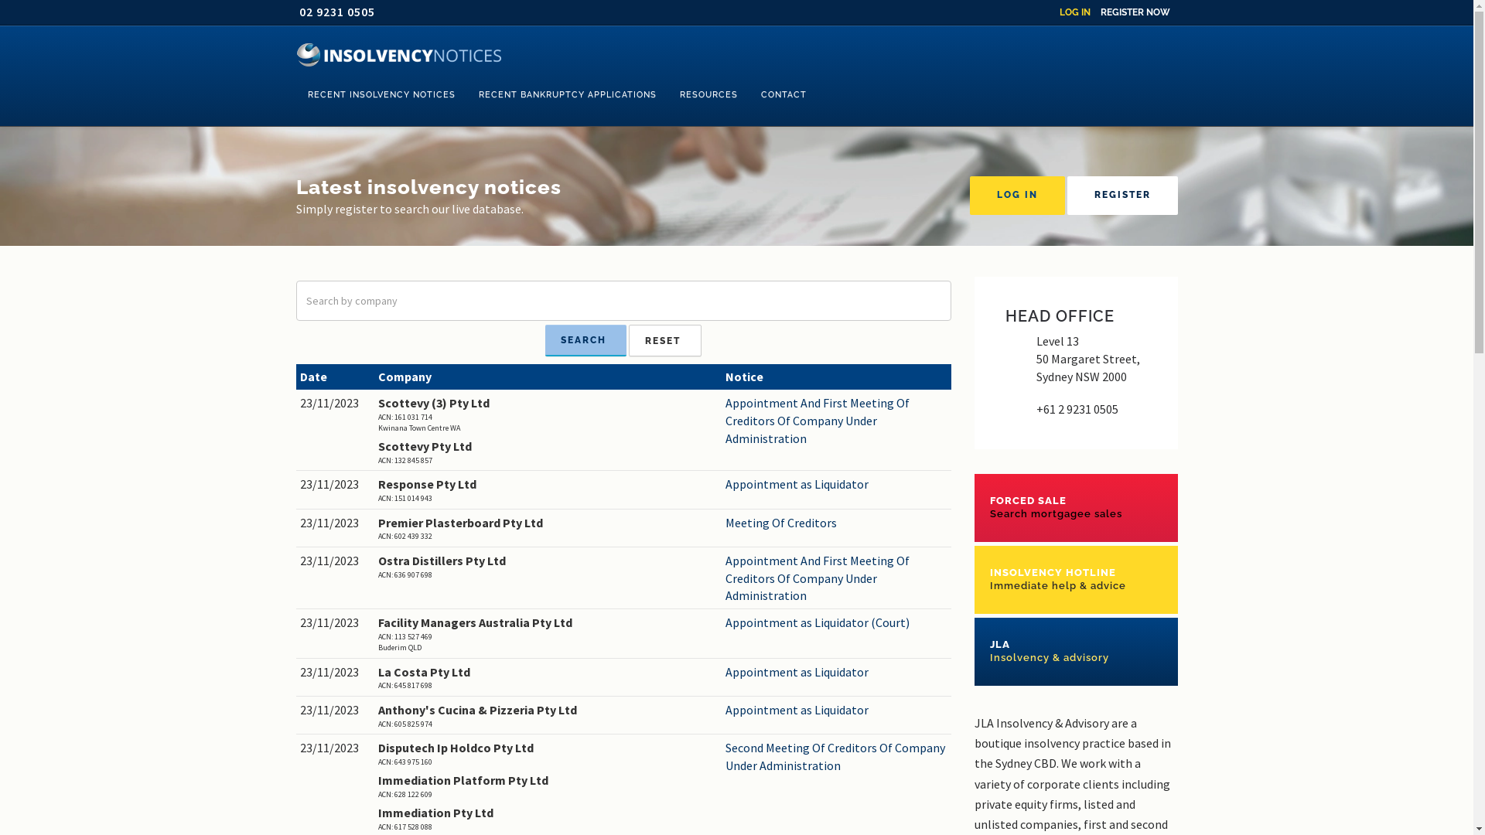  What do you see at coordinates (973, 652) in the screenshot?
I see `'JLA` at bounding box center [973, 652].